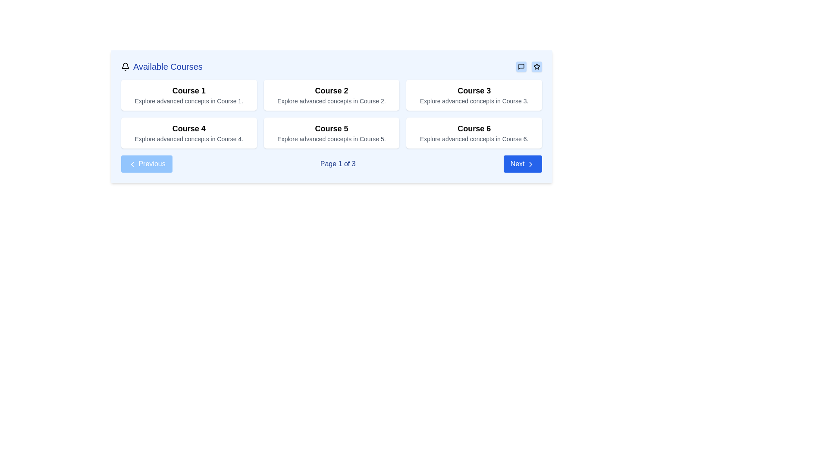 The height and width of the screenshot is (465, 828). Describe the element at coordinates (331, 139) in the screenshot. I see `text label that says 'Explore advanced concepts in Course 5.' located in the second row, second column of the grid layout beneath the title 'Course 5'` at that location.